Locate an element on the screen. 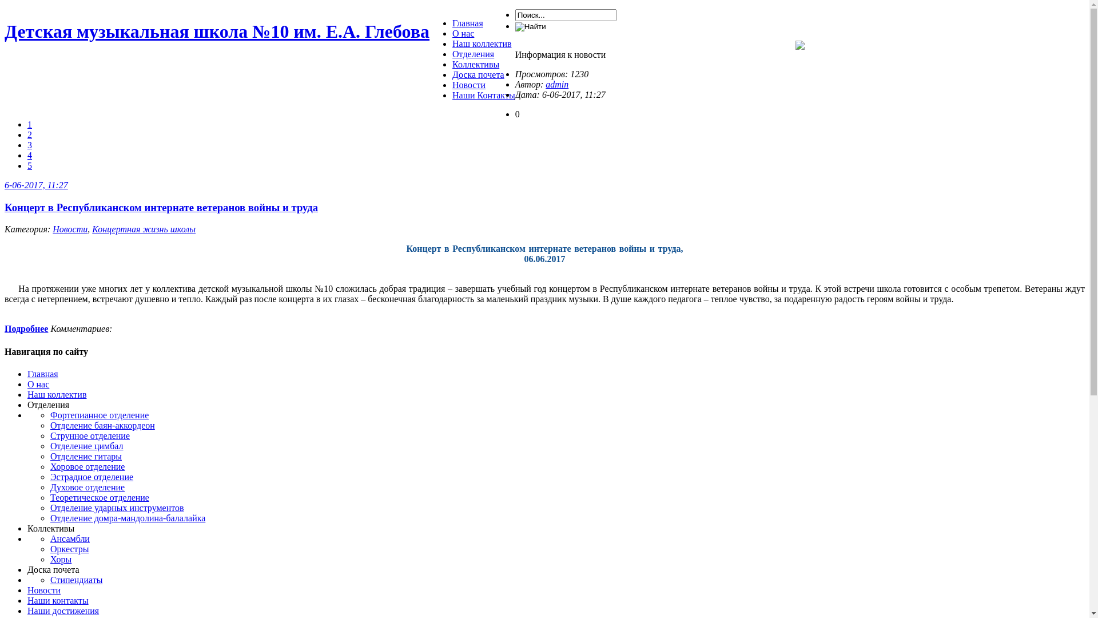 Image resolution: width=1098 pixels, height=618 pixels. '3' is located at coordinates (30, 144).